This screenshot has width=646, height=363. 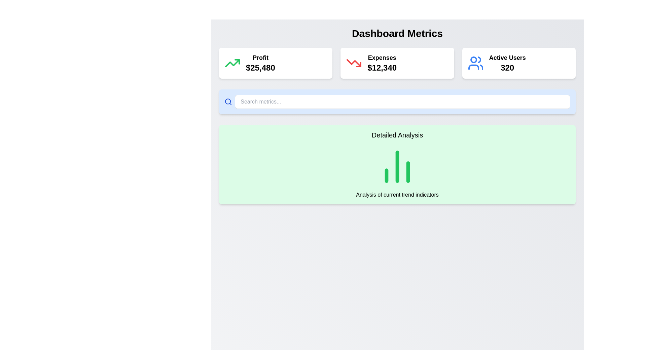 What do you see at coordinates (397, 102) in the screenshot?
I see `the search input field located centrally below the statistics widgets and above the 'Detailed Analysis' section` at bounding box center [397, 102].